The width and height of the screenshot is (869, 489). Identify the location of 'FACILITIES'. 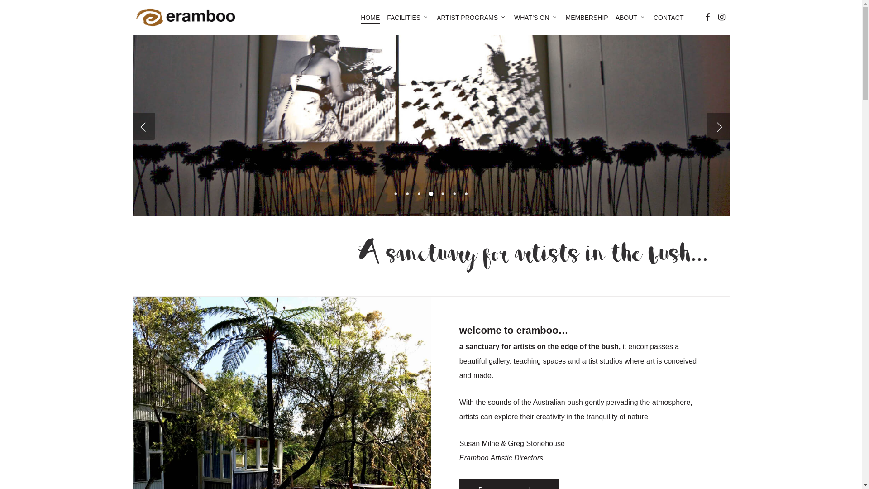
(408, 17).